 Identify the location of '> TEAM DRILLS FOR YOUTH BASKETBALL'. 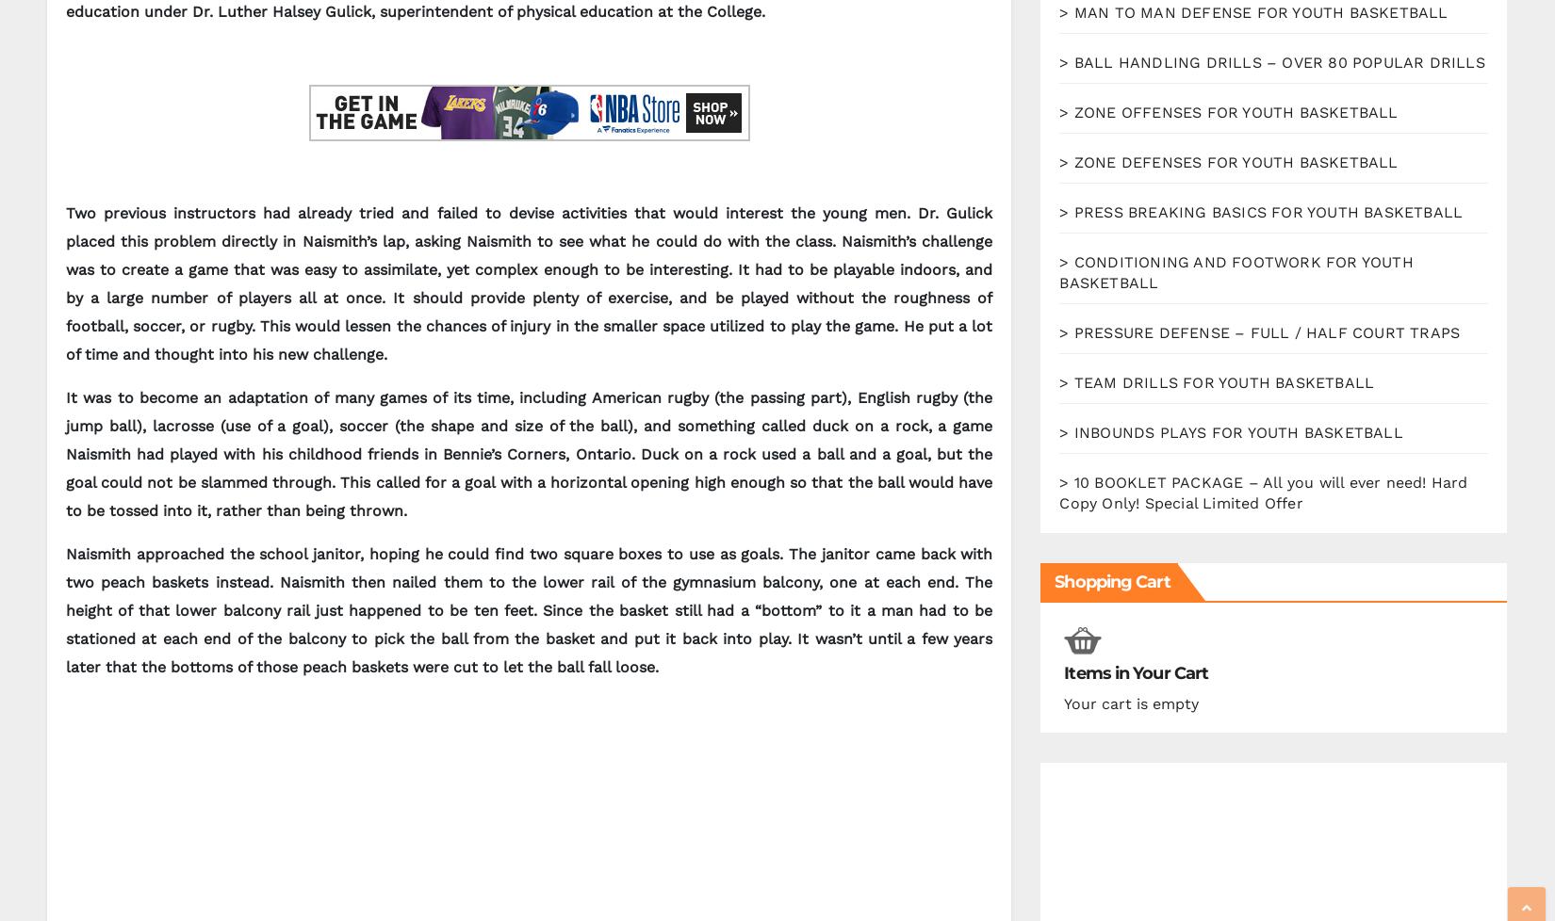
(1058, 381).